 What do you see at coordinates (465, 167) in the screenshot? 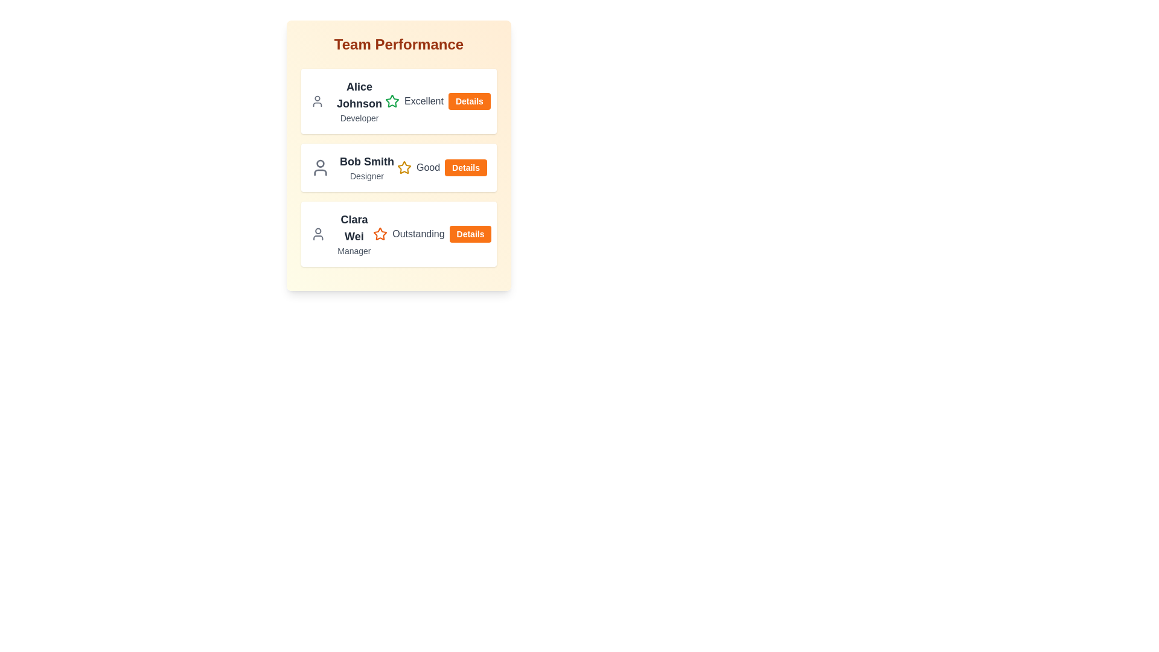
I see `'Details' button for the team member Bob Smith` at bounding box center [465, 167].